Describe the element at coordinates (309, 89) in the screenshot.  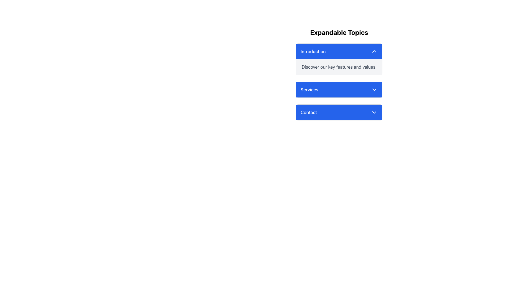
I see `the second text label in the vertically stacked list of collapsible sections` at that location.